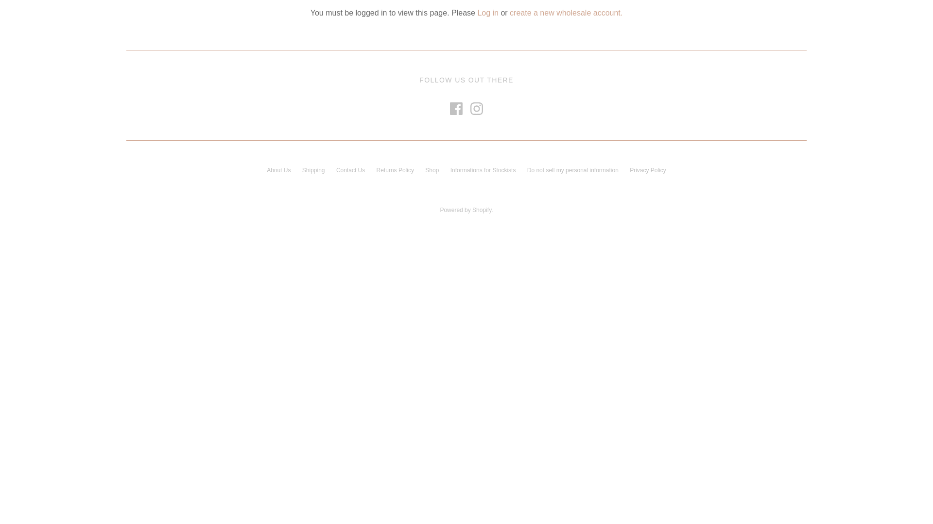 The height and width of the screenshot is (524, 933). What do you see at coordinates (395, 170) in the screenshot?
I see `'Returns Policy'` at bounding box center [395, 170].